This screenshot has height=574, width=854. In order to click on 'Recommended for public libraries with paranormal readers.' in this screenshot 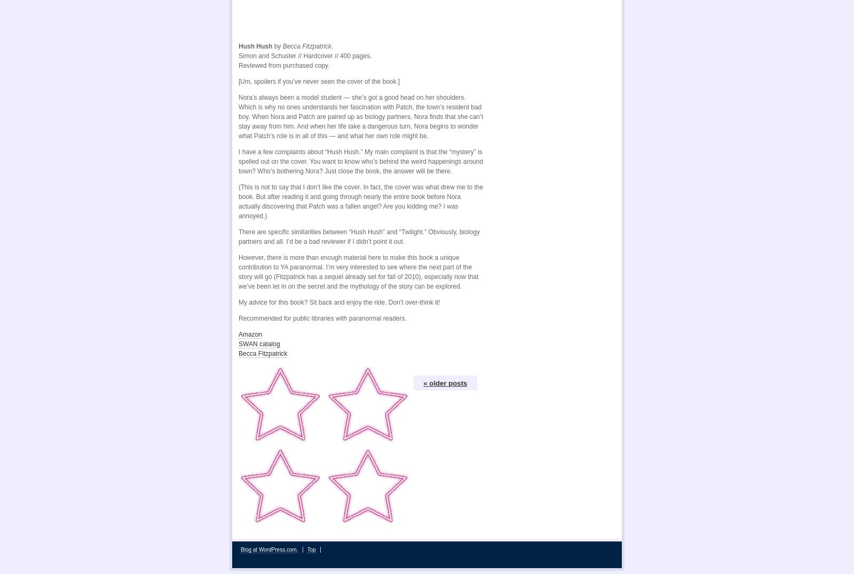, I will do `click(238, 315)`.